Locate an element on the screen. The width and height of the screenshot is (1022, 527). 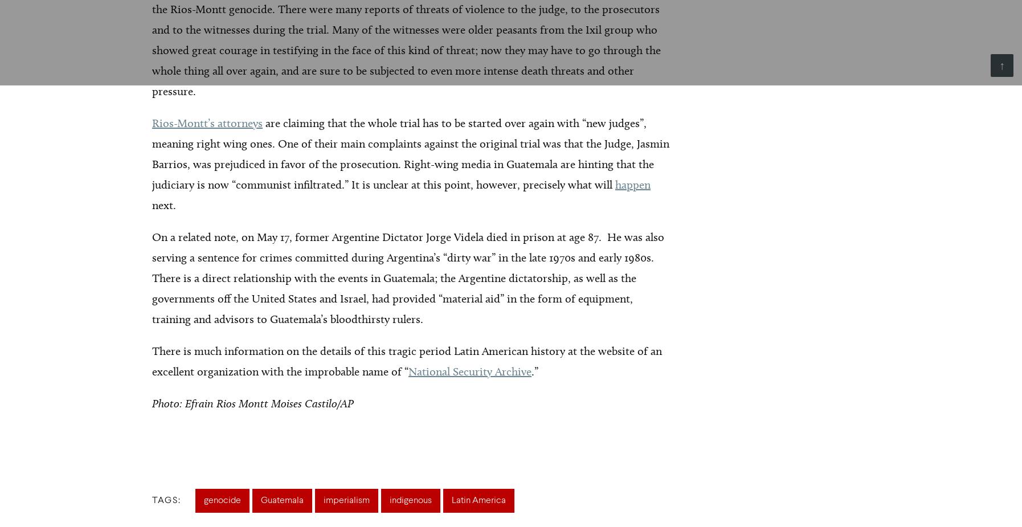
'Latin America' is located at coordinates (479, 501).